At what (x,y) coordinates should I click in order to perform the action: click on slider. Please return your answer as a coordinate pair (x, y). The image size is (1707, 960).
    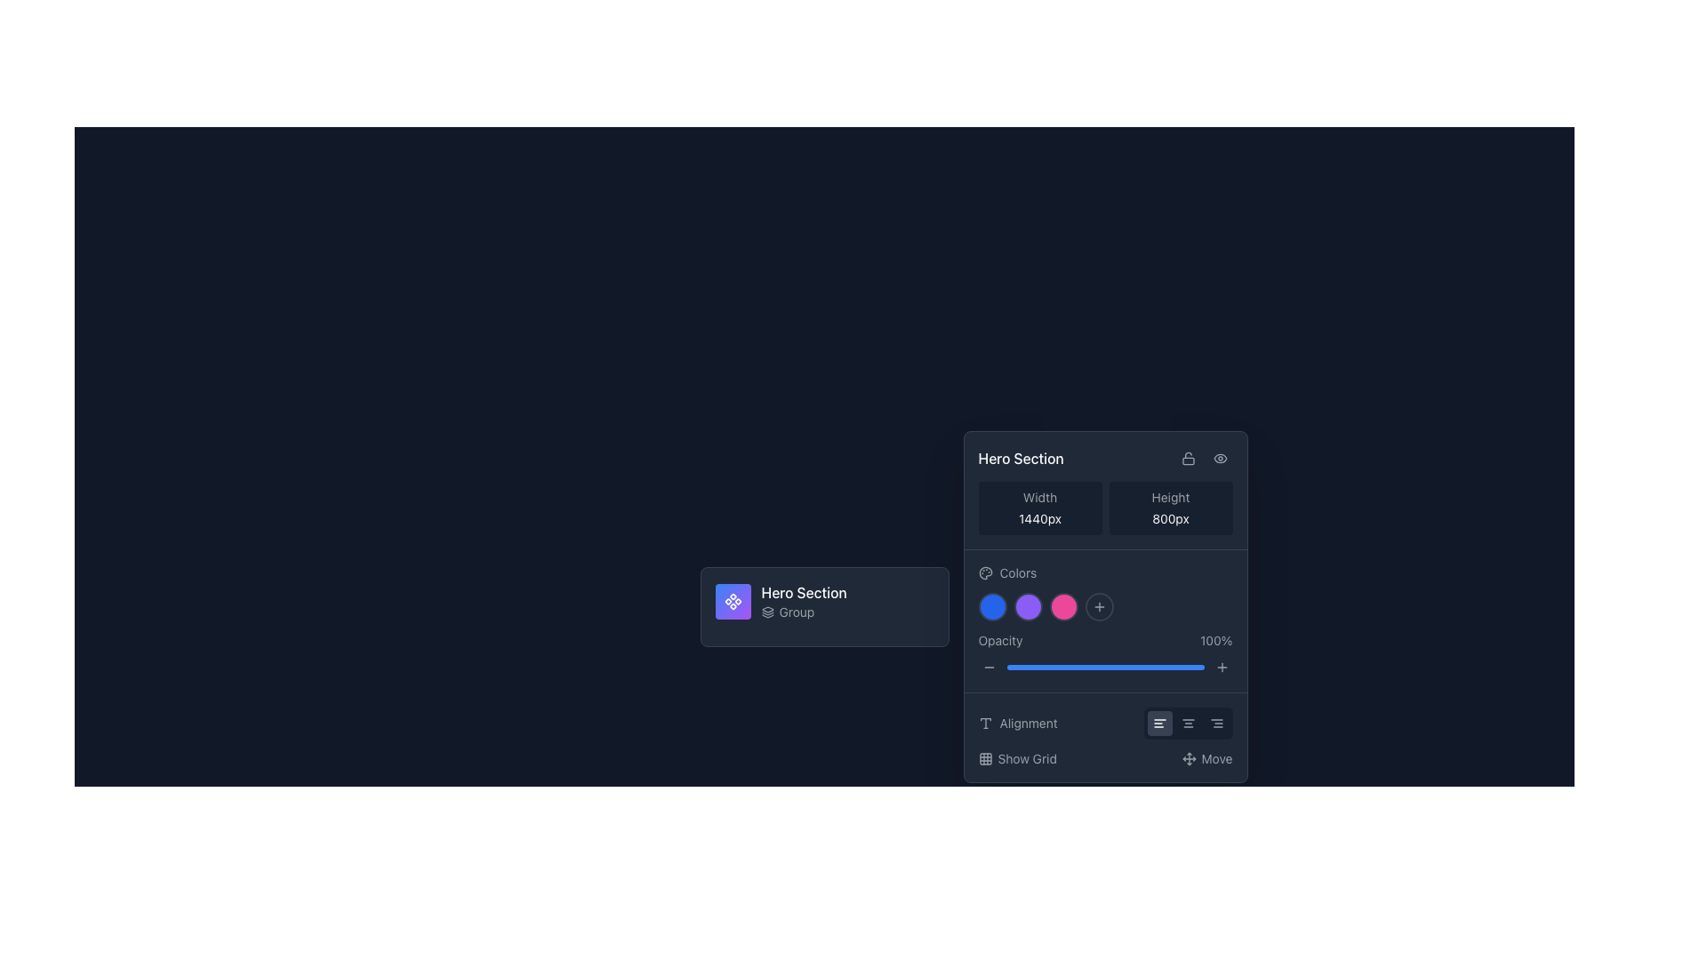
    Looking at the image, I should click on (1078, 668).